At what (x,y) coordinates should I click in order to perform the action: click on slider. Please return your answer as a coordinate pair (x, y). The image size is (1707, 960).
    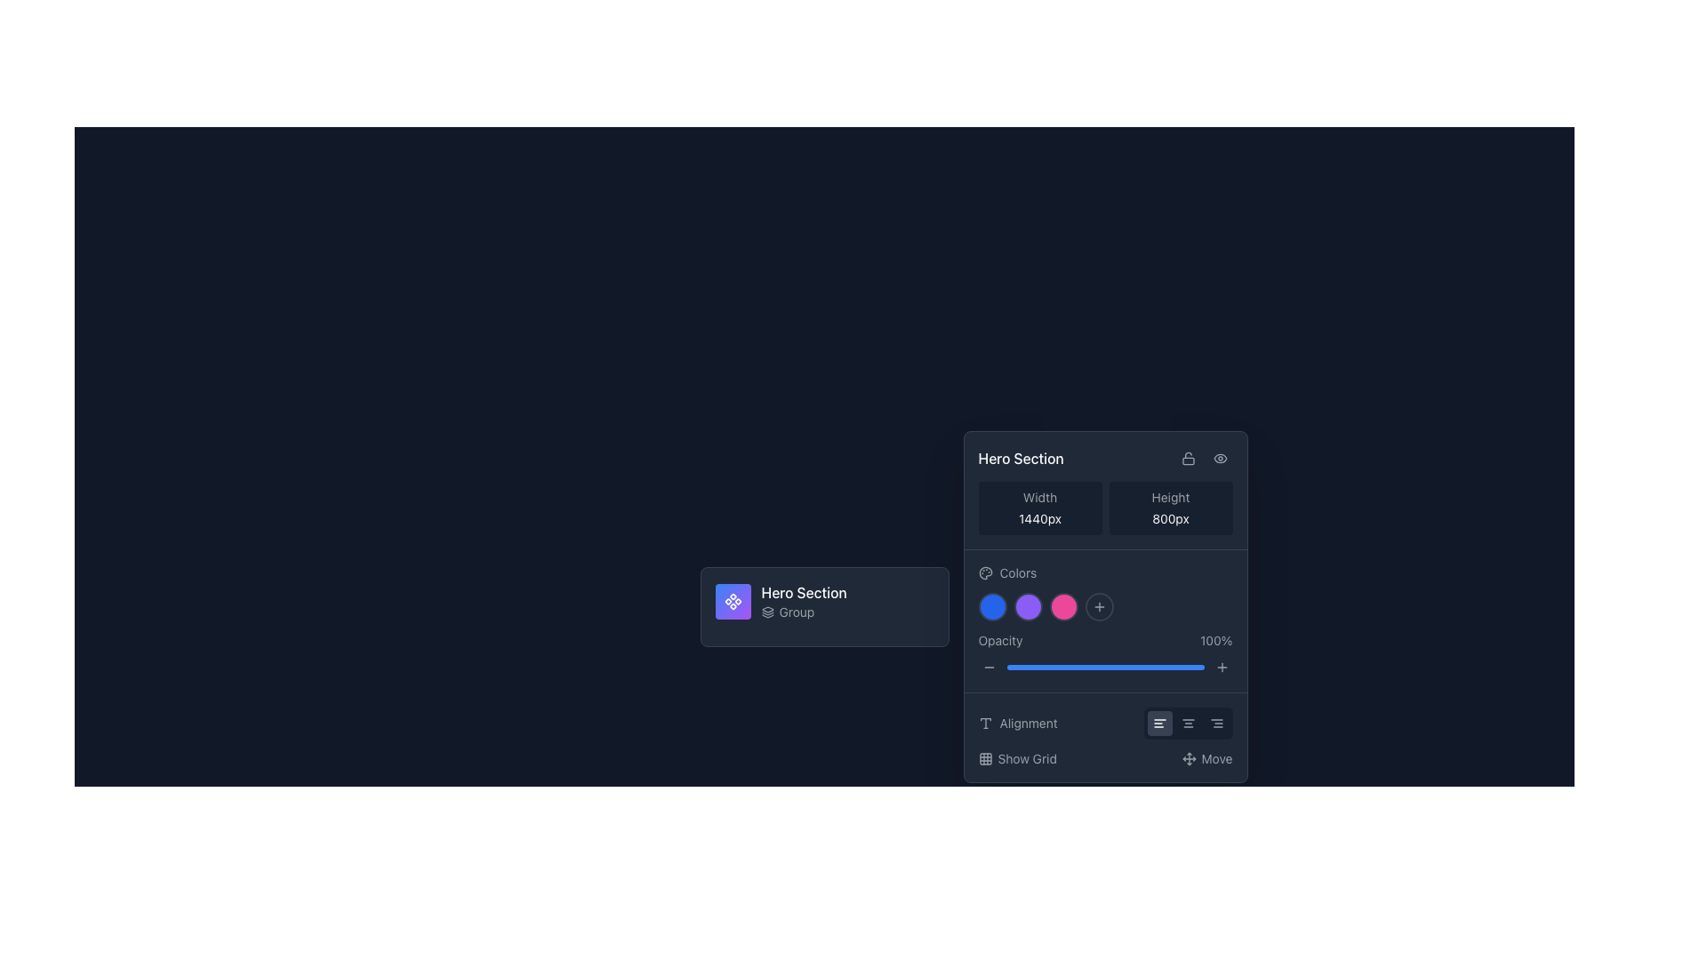
    Looking at the image, I should click on (1078, 668).